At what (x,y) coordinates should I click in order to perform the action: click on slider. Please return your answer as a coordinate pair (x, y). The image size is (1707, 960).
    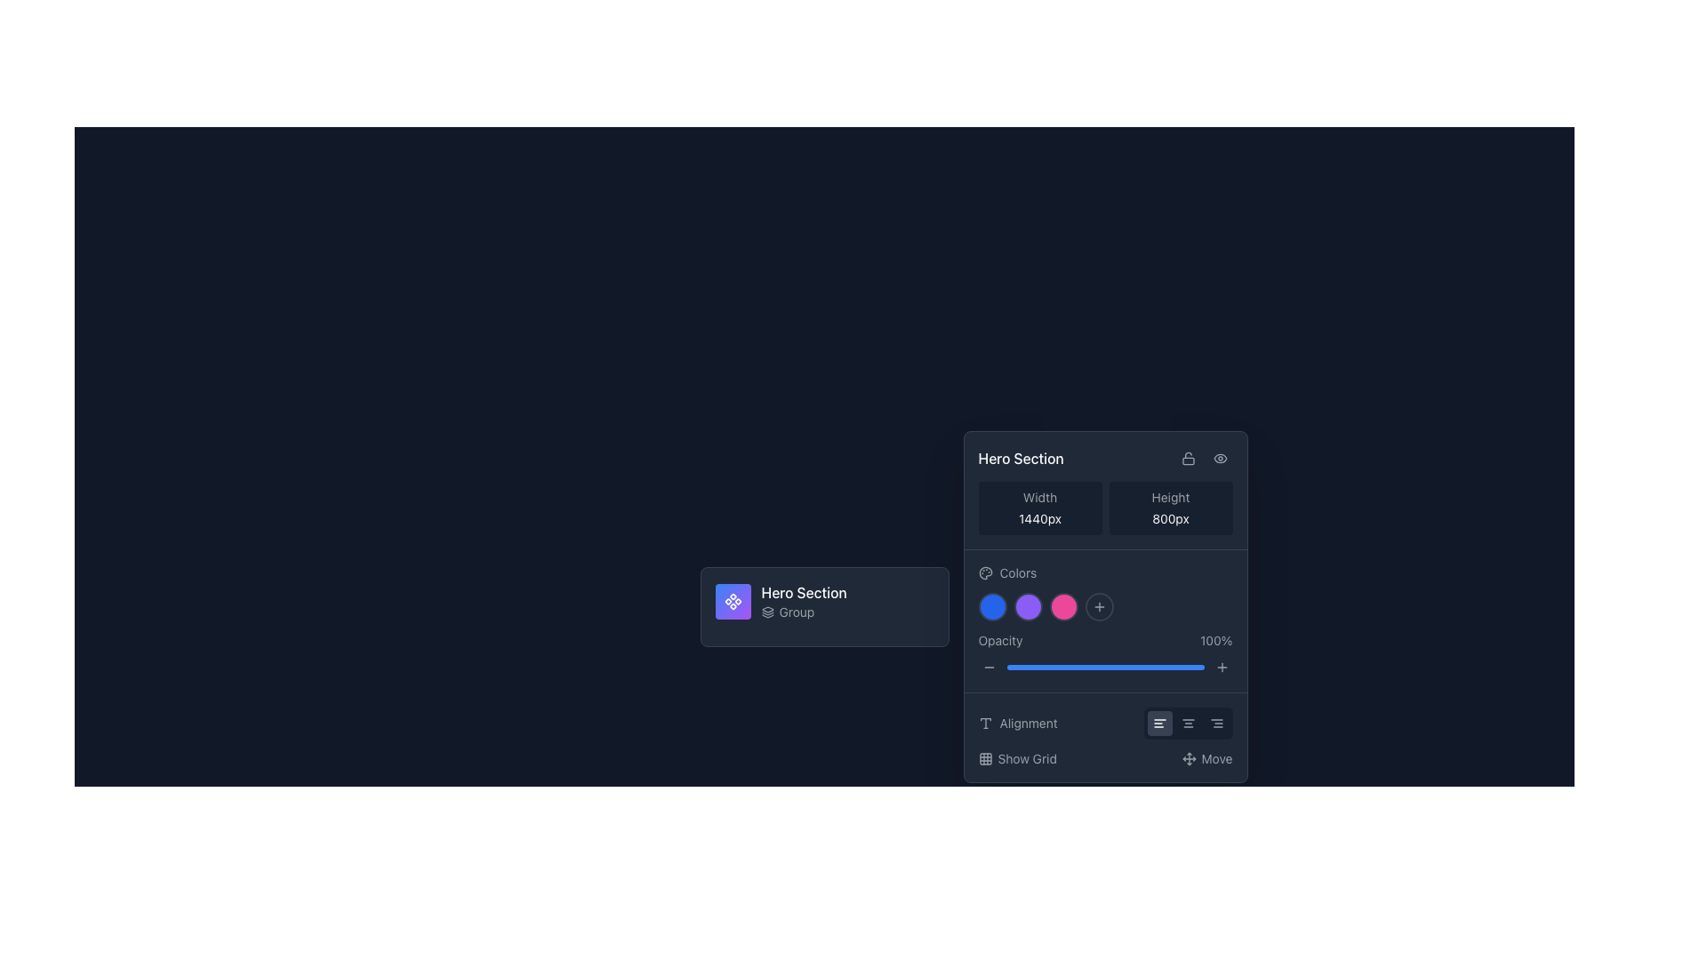
    Looking at the image, I should click on (1078, 668).